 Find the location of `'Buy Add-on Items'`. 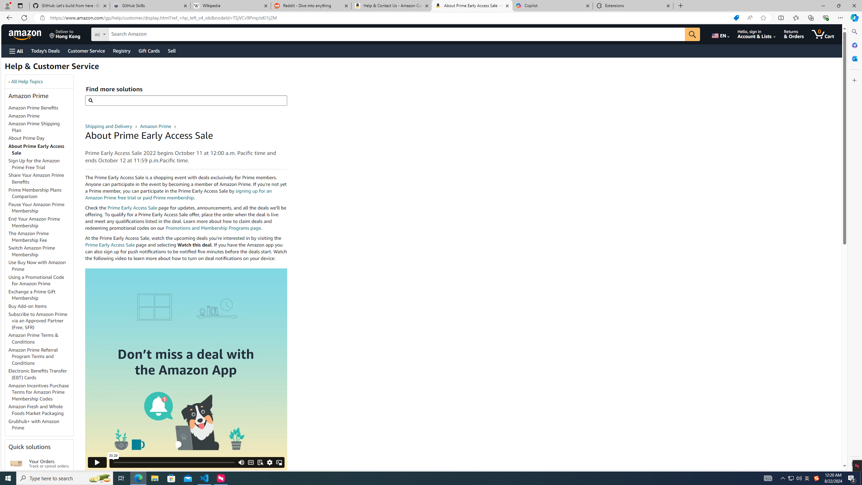

'Buy Add-on Items' is located at coordinates (27, 306).